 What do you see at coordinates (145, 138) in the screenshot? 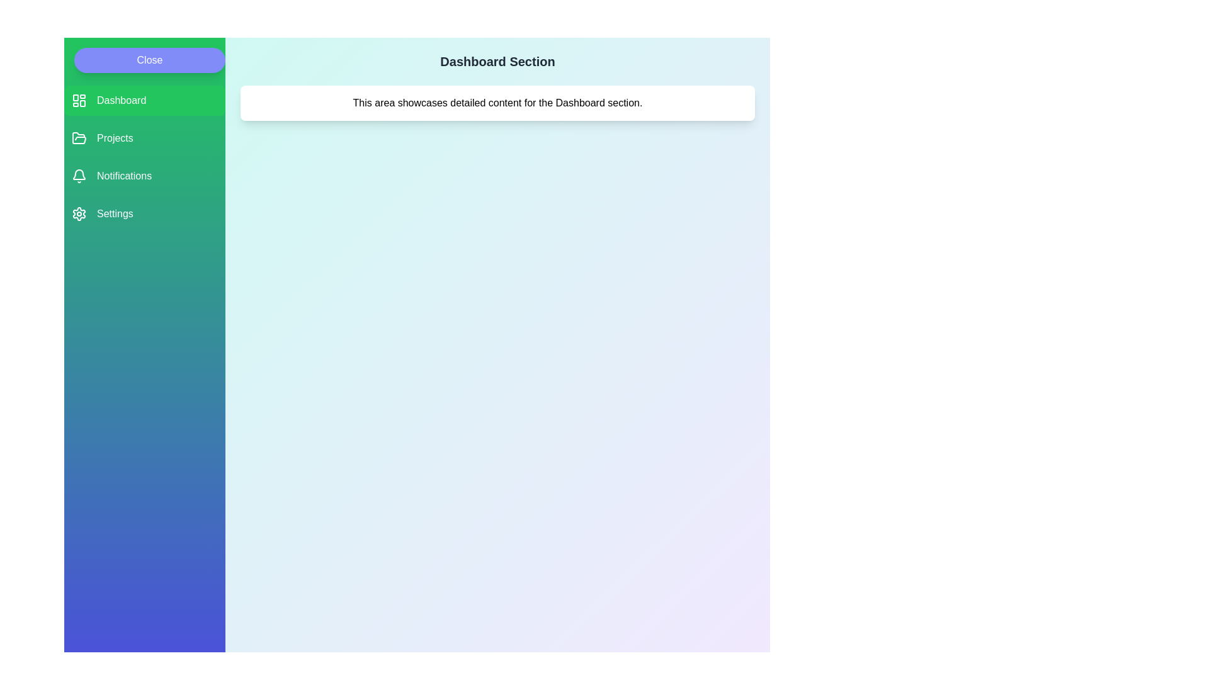
I see `the menu item labeled Projects to see its hover effect` at bounding box center [145, 138].